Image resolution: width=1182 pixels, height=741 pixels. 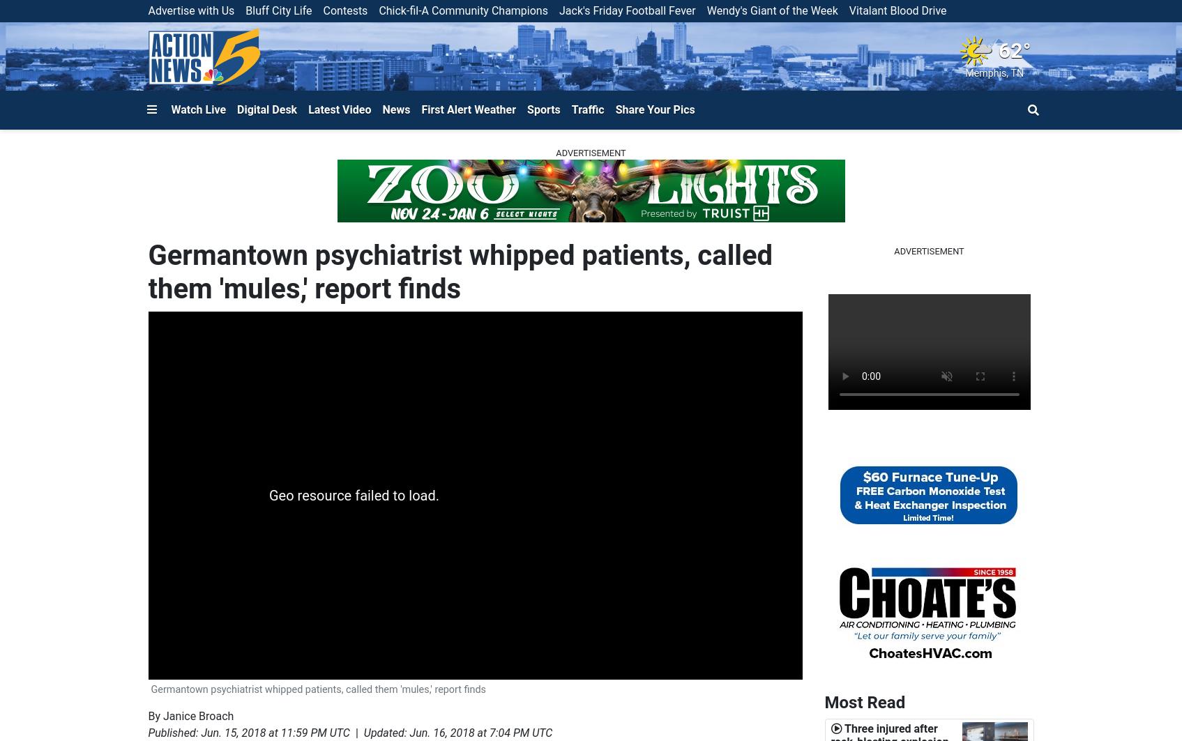 What do you see at coordinates (964, 73) in the screenshot?
I see `'Memphis'` at bounding box center [964, 73].